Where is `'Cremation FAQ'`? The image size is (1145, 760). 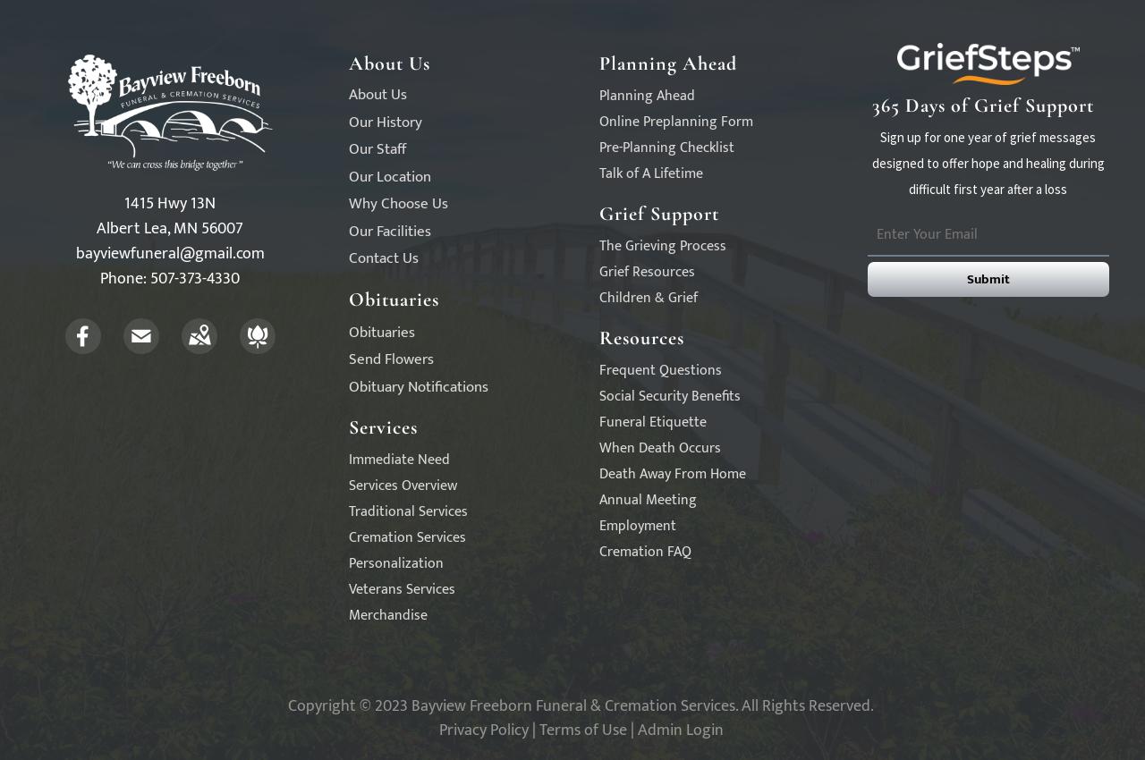
'Cremation FAQ' is located at coordinates (644, 551).